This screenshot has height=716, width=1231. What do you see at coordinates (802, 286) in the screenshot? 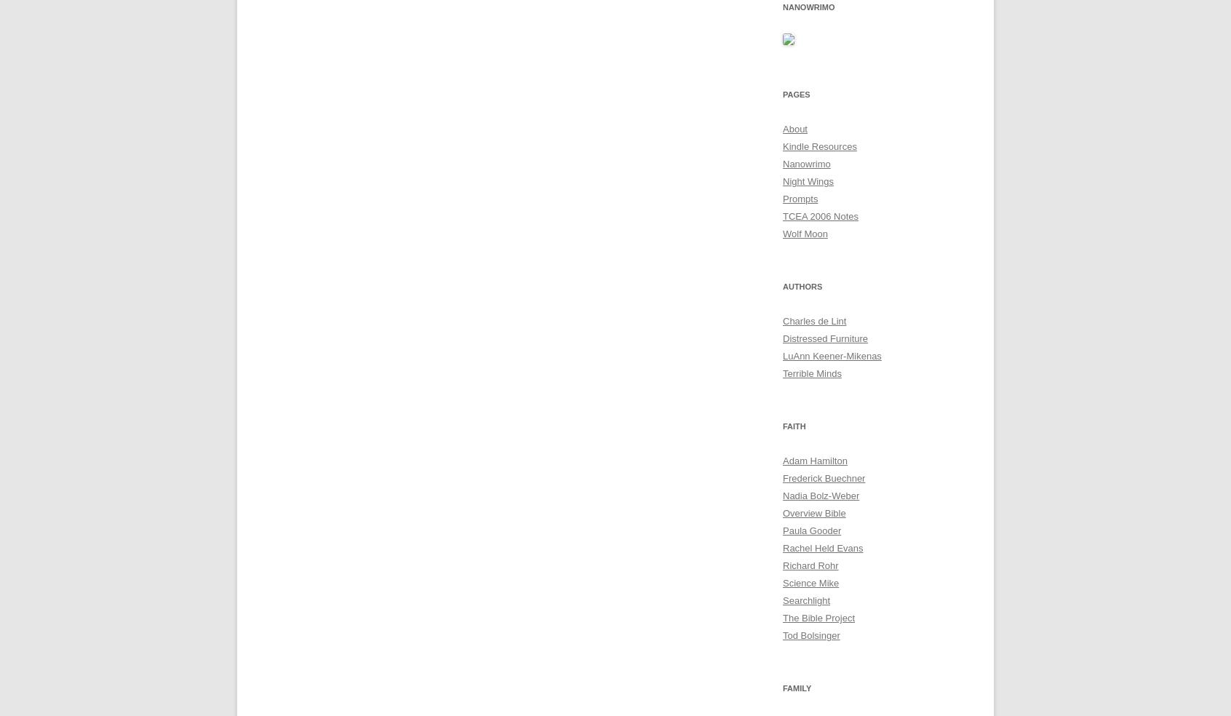
I see `'Authors'` at bounding box center [802, 286].